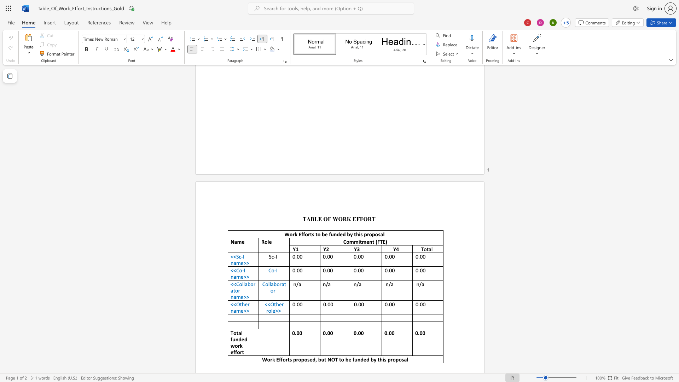  I want to click on the space between the continuous character "t" and "s" in the text, so click(312, 234).